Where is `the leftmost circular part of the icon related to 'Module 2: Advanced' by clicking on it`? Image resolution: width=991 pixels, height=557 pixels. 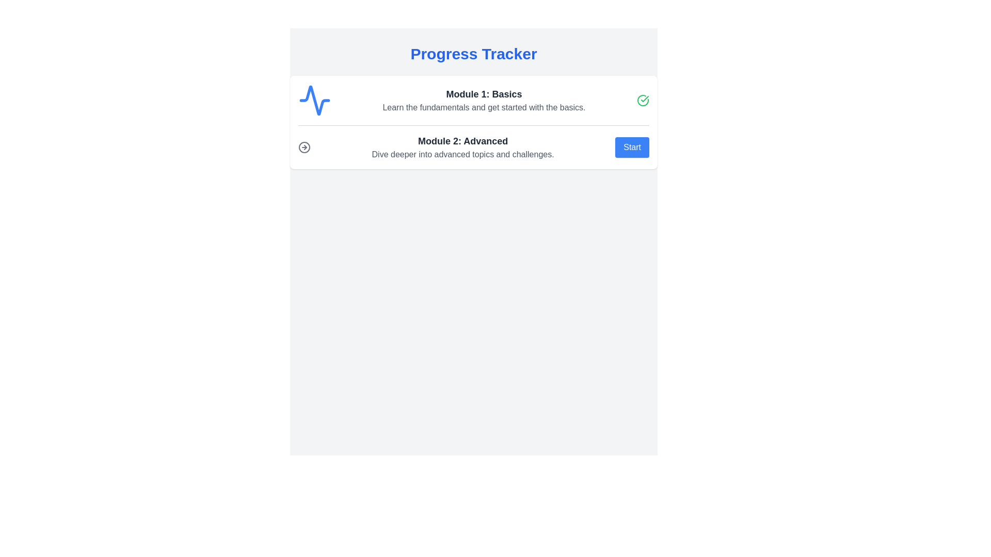 the leftmost circular part of the icon related to 'Module 2: Advanced' by clicking on it is located at coordinates (304, 147).